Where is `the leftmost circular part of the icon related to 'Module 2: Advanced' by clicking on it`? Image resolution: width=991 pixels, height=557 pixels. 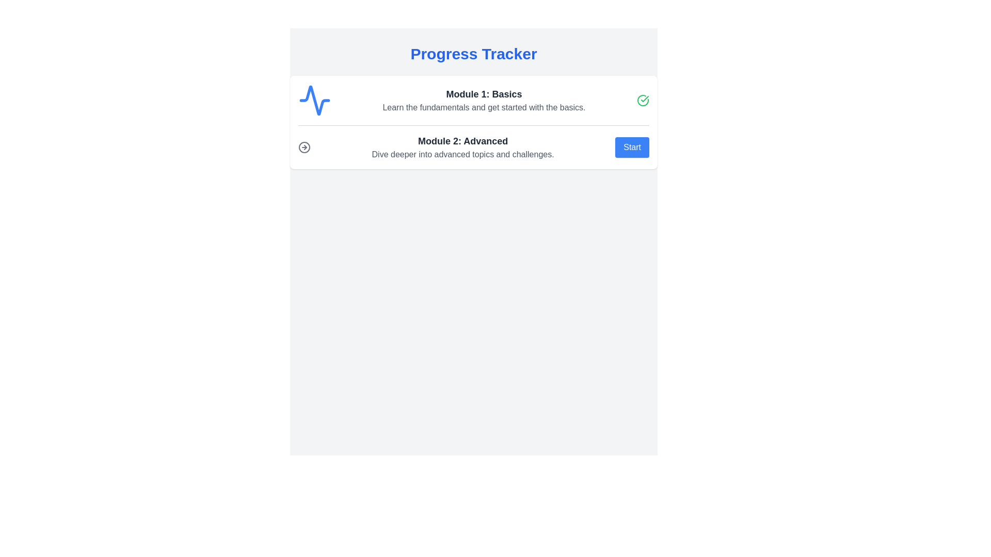 the leftmost circular part of the icon related to 'Module 2: Advanced' by clicking on it is located at coordinates (304, 147).